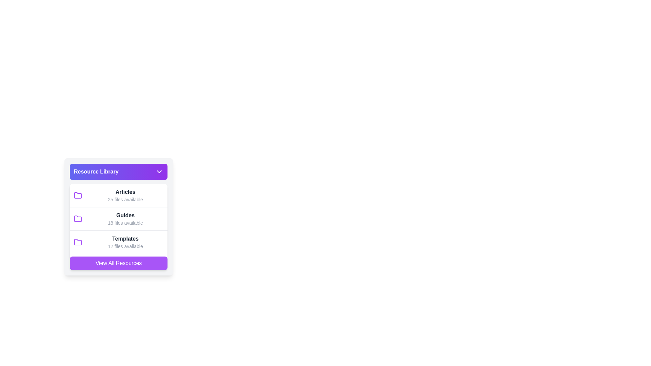 The width and height of the screenshot is (651, 366). What do you see at coordinates (119, 263) in the screenshot?
I see `the rectangular button with rounded corners and a purple background that reads 'View All Resources' to change its opacity` at bounding box center [119, 263].